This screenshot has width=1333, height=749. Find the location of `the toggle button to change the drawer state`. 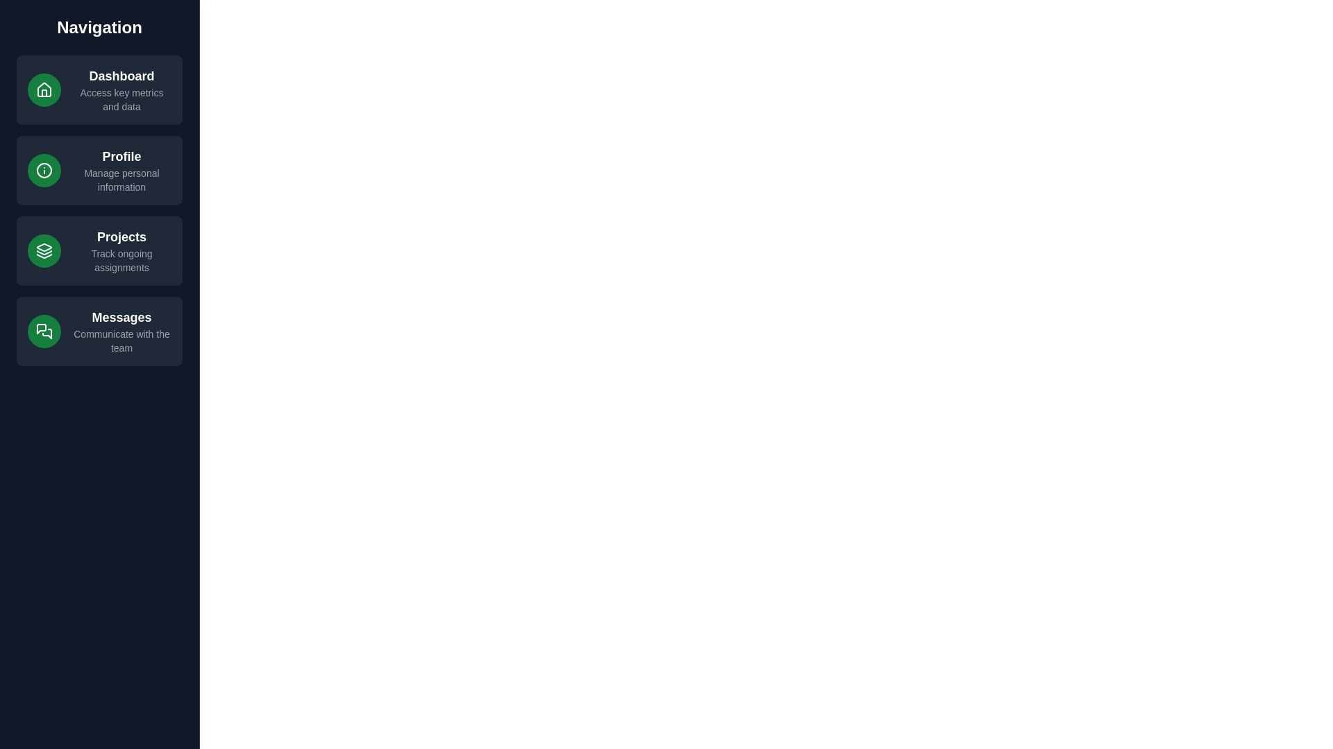

the toggle button to change the drawer state is located at coordinates (30, 30).